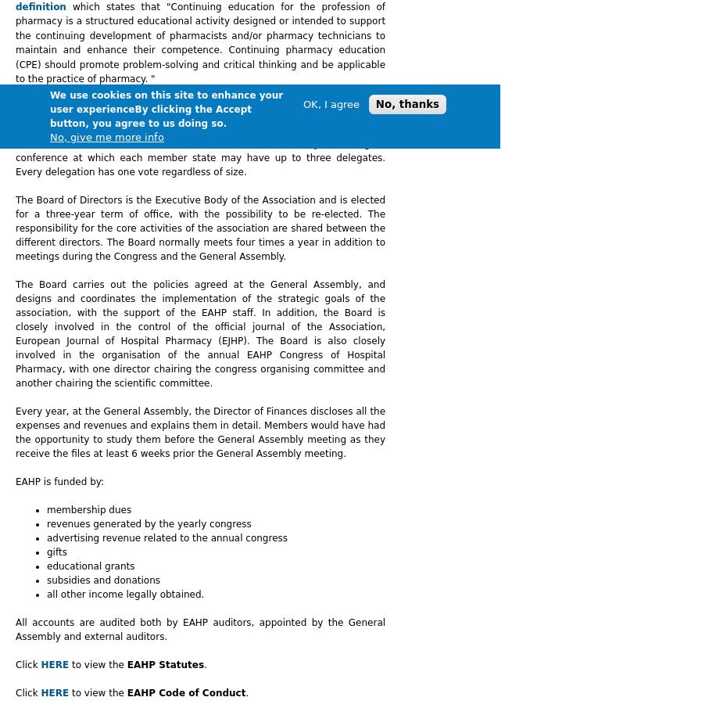 The image size is (727, 708). Describe the element at coordinates (331, 103) in the screenshot. I see `'OK, I agree'` at that location.